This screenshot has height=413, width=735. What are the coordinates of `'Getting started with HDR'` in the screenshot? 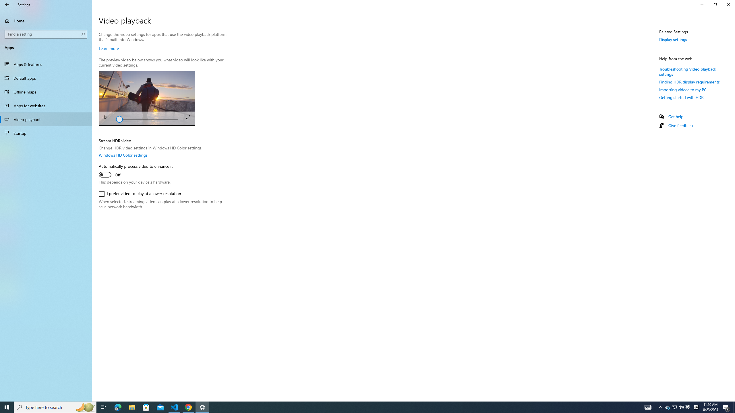 It's located at (681, 97).